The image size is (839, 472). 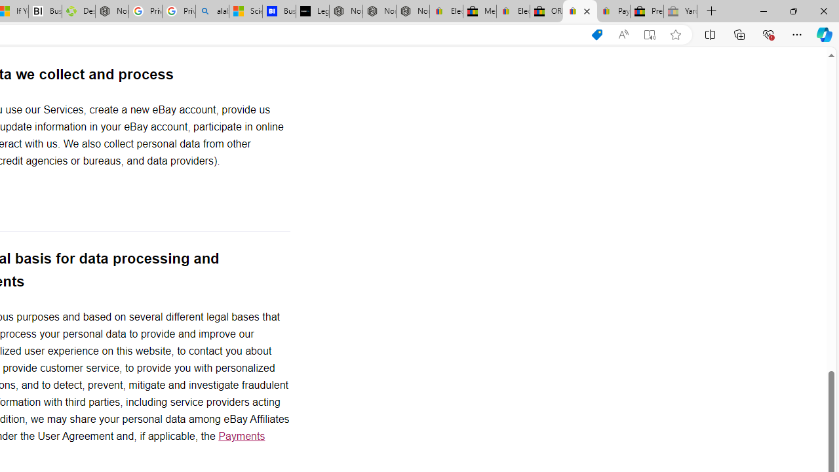 What do you see at coordinates (596, 34) in the screenshot?
I see `'This site has coupons! Shopping in Microsoft Edge'` at bounding box center [596, 34].